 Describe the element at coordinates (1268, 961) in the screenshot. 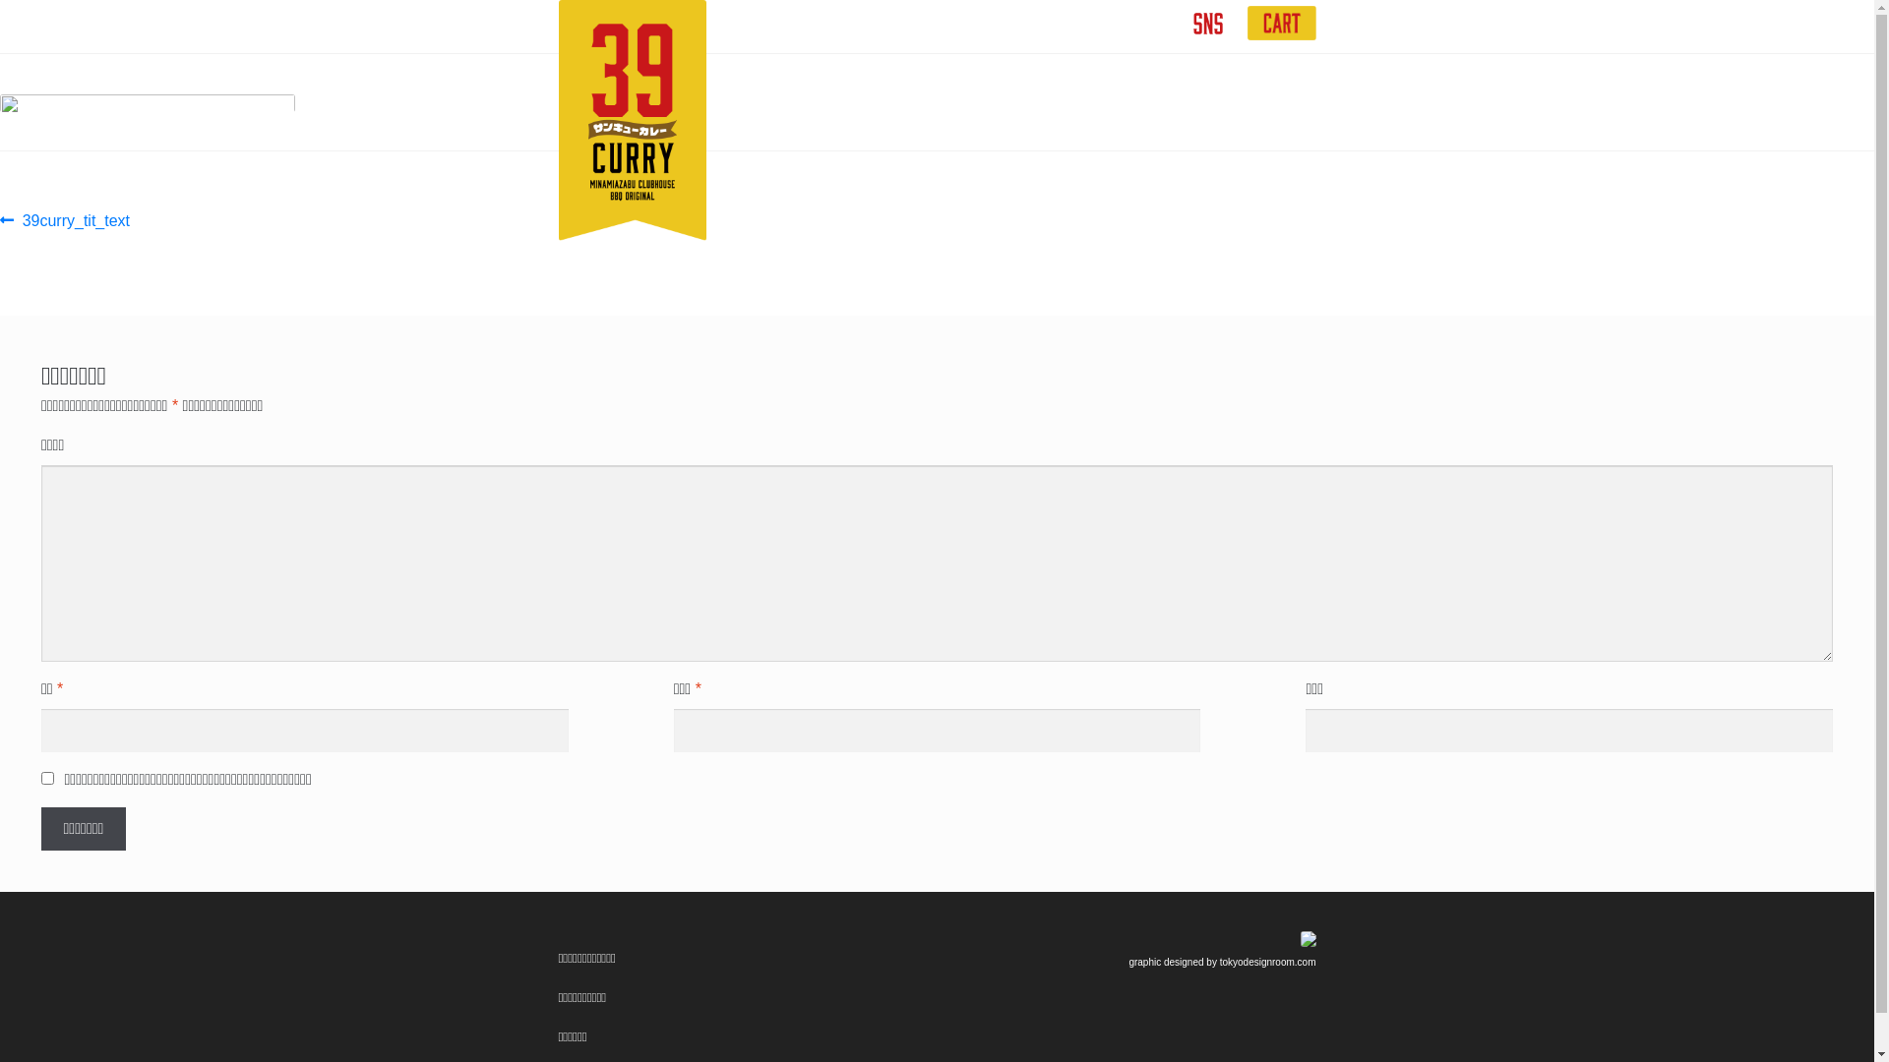

I see `'tokyodesignroom.com'` at that location.